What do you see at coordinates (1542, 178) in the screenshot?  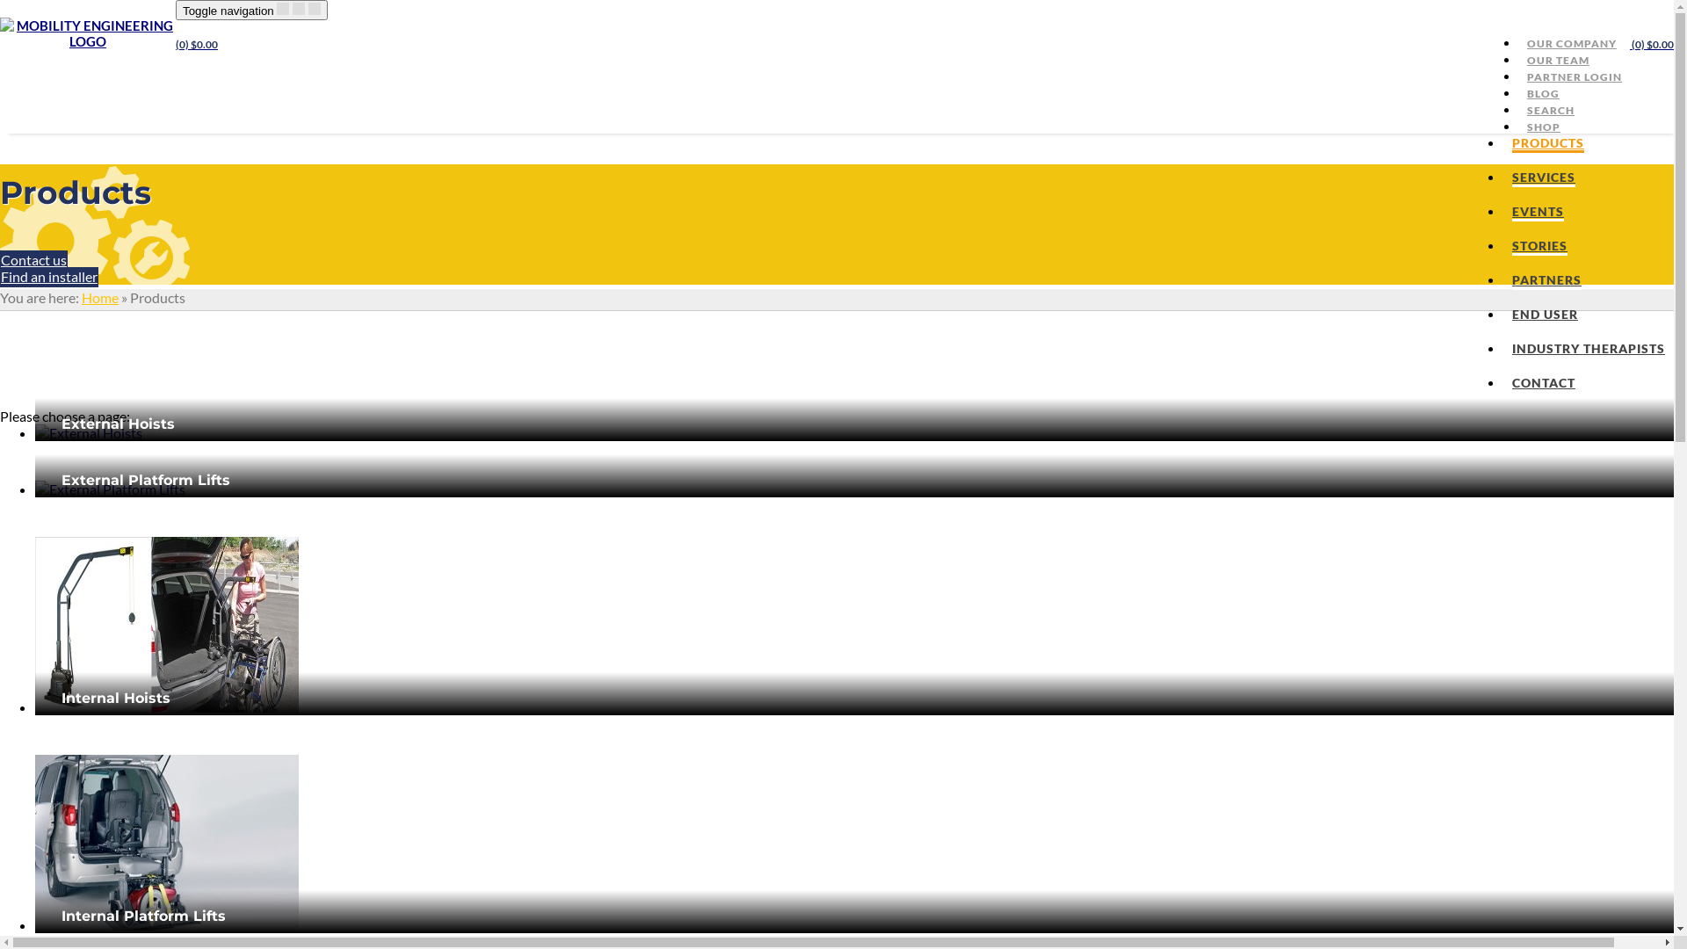 I see `'SERVICES'` at bounding box center [1542, 178].